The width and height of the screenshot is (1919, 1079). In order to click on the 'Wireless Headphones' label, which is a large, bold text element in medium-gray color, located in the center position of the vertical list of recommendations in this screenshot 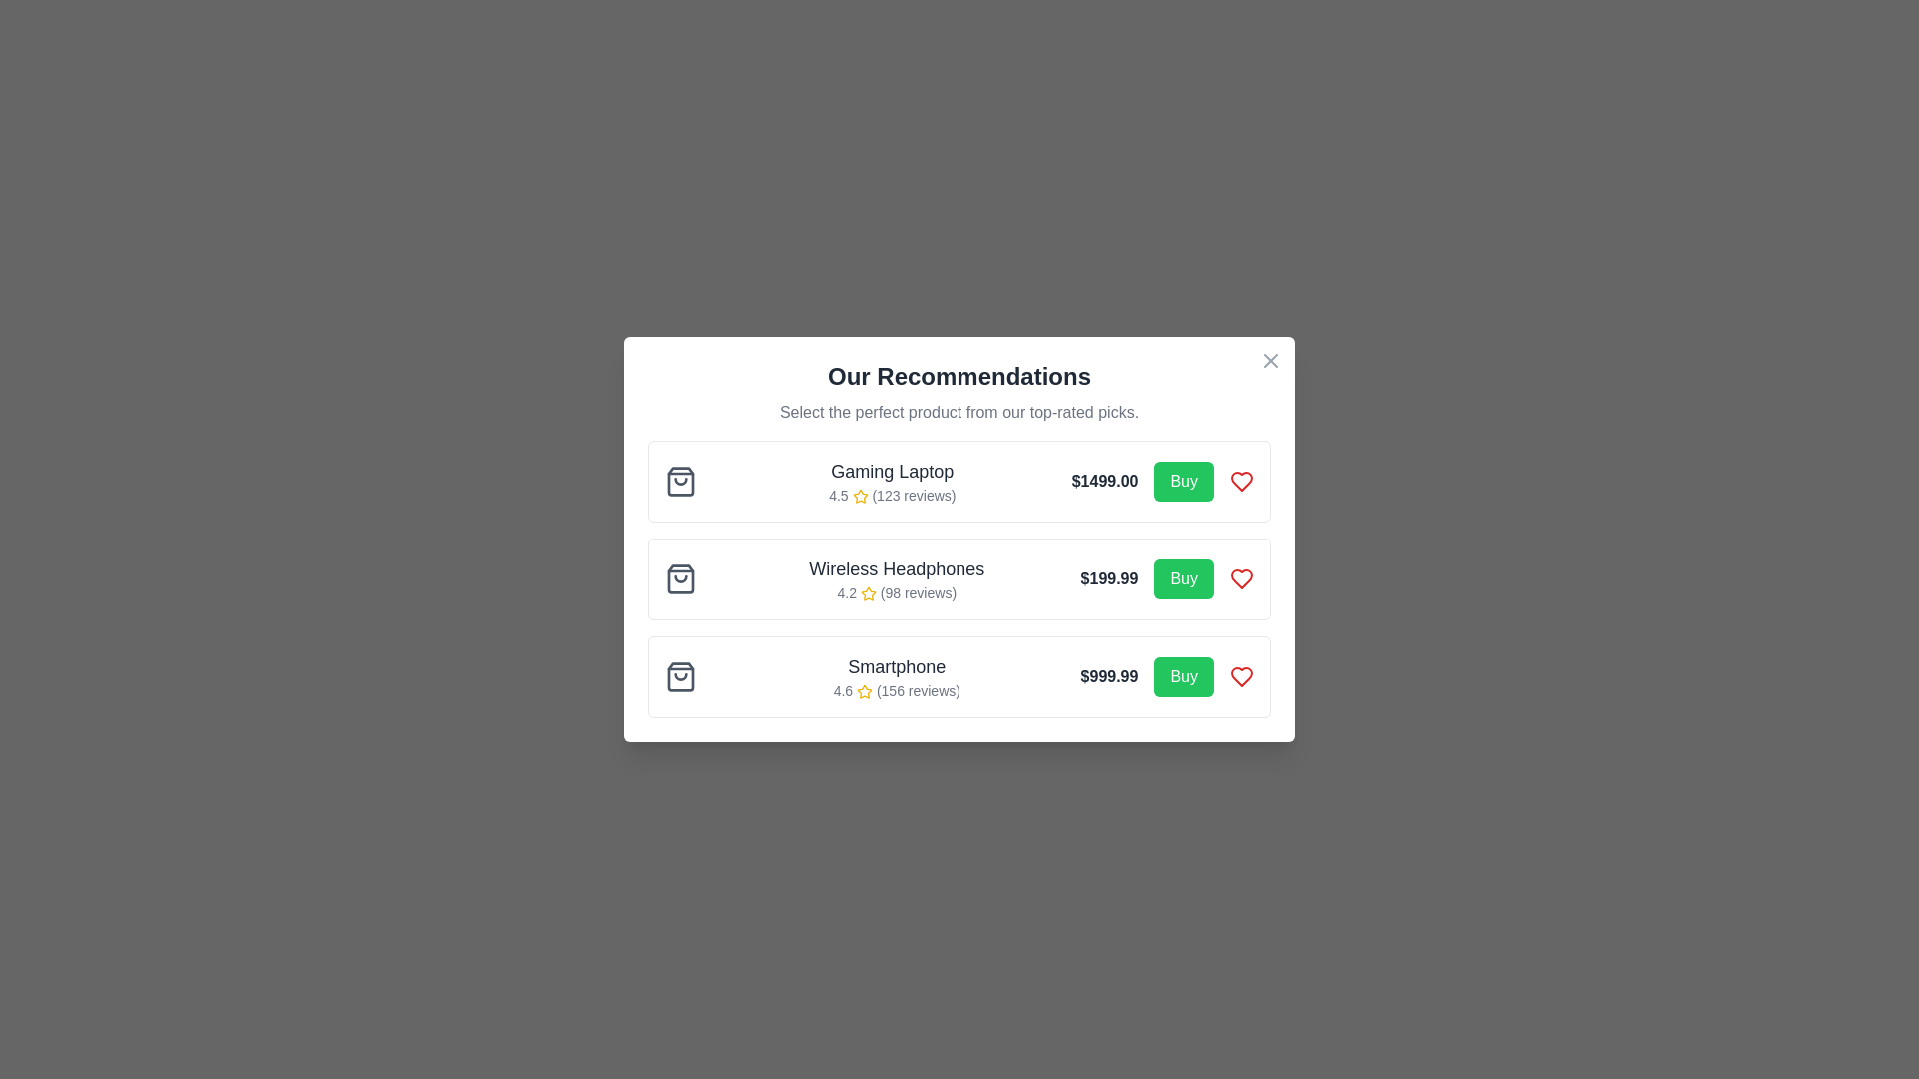, I will do `click(896, 569)`.